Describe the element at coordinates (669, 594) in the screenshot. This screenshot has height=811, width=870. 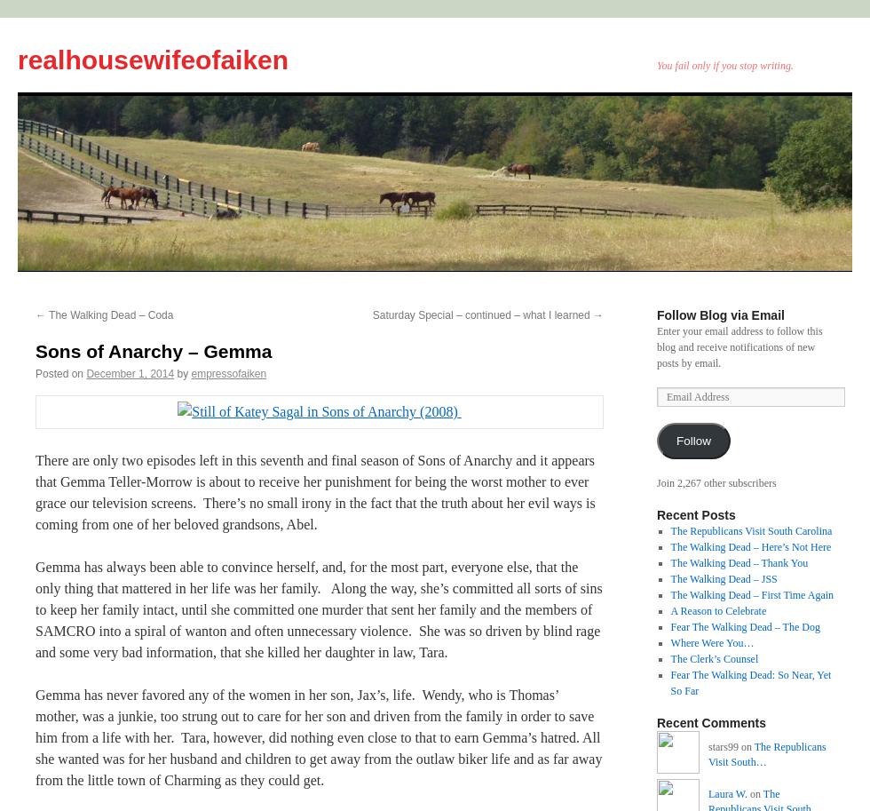
I see `'The Walking Dead – First Time Again'` at that location.